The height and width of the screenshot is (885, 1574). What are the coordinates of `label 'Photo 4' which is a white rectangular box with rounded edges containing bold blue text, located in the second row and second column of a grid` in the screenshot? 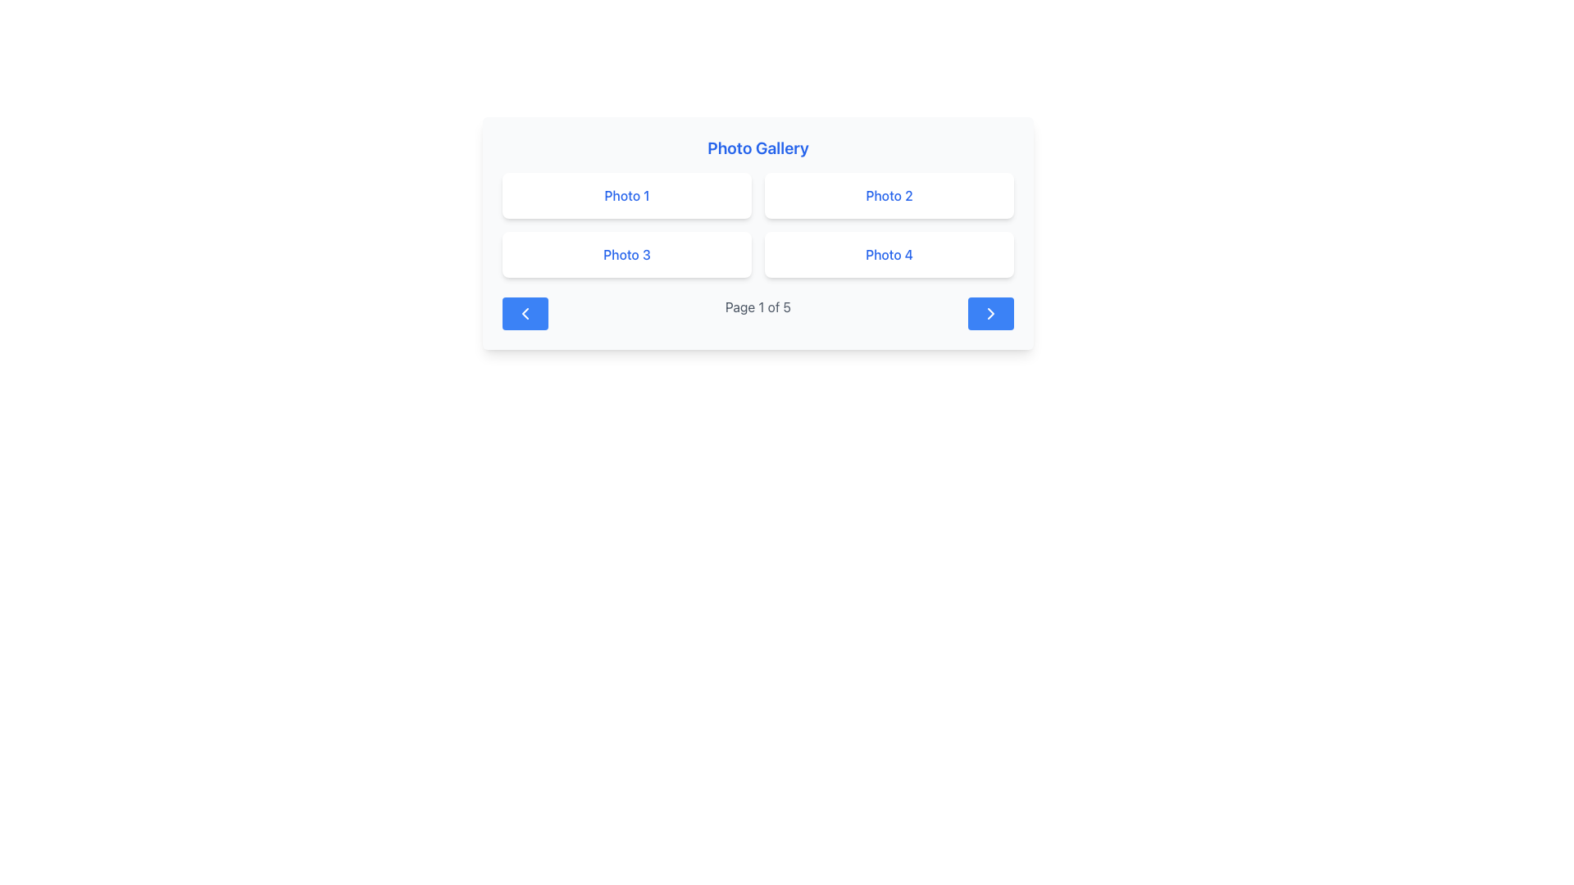 It's located at (888, 255).